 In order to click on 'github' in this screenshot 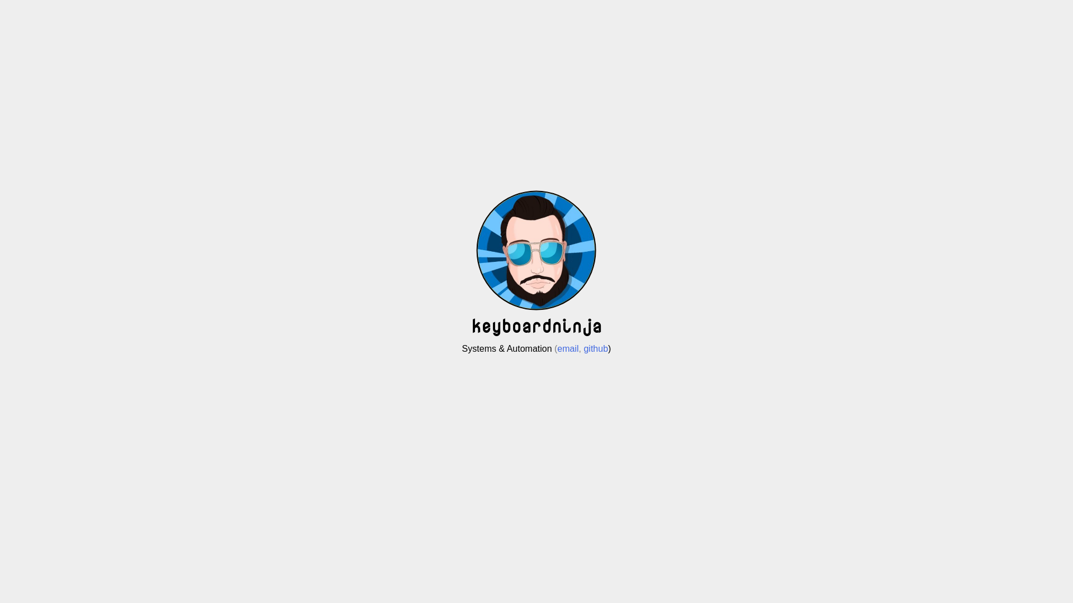, I will do `click(595, 348)`.